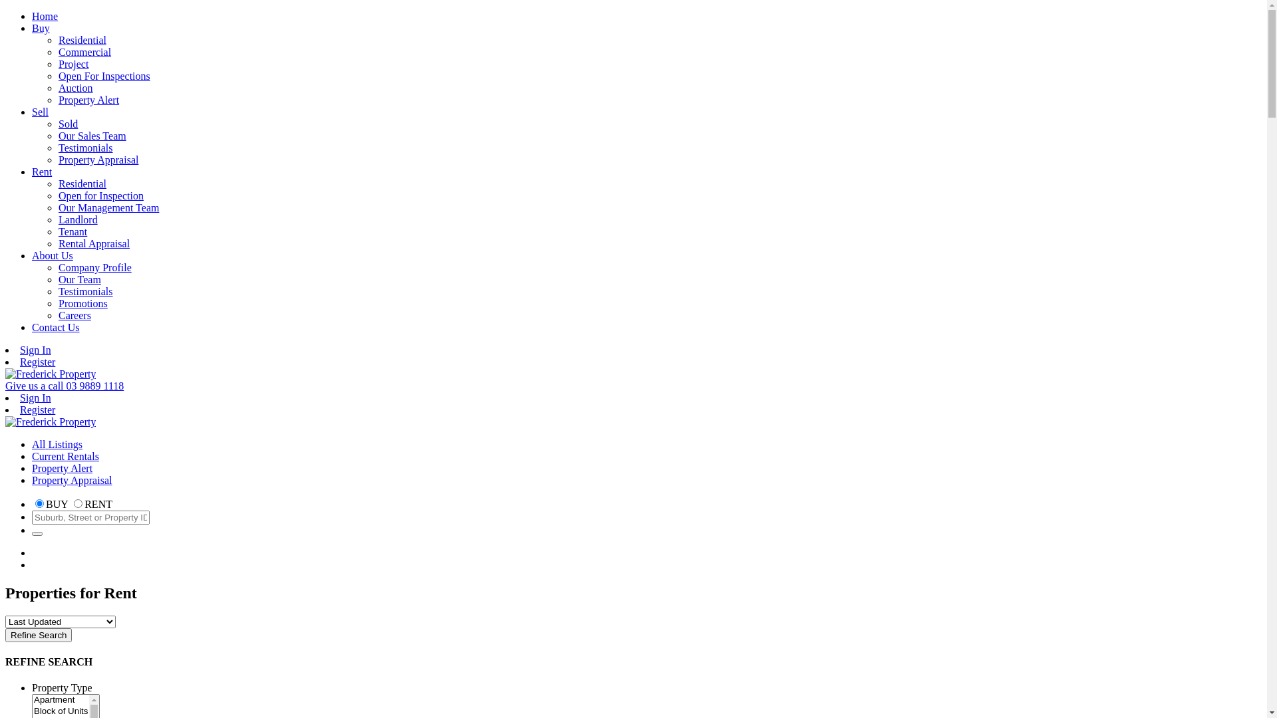 The image size is (1277, 718). I want to click on 'Rent', so click(32, 171).